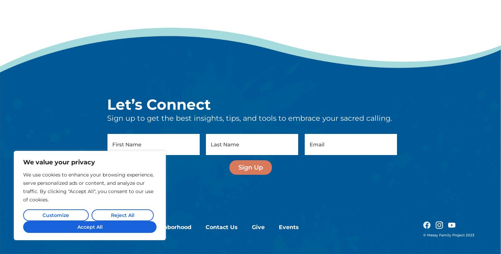  I want to click on 'Contact Us', so click(221, 157).